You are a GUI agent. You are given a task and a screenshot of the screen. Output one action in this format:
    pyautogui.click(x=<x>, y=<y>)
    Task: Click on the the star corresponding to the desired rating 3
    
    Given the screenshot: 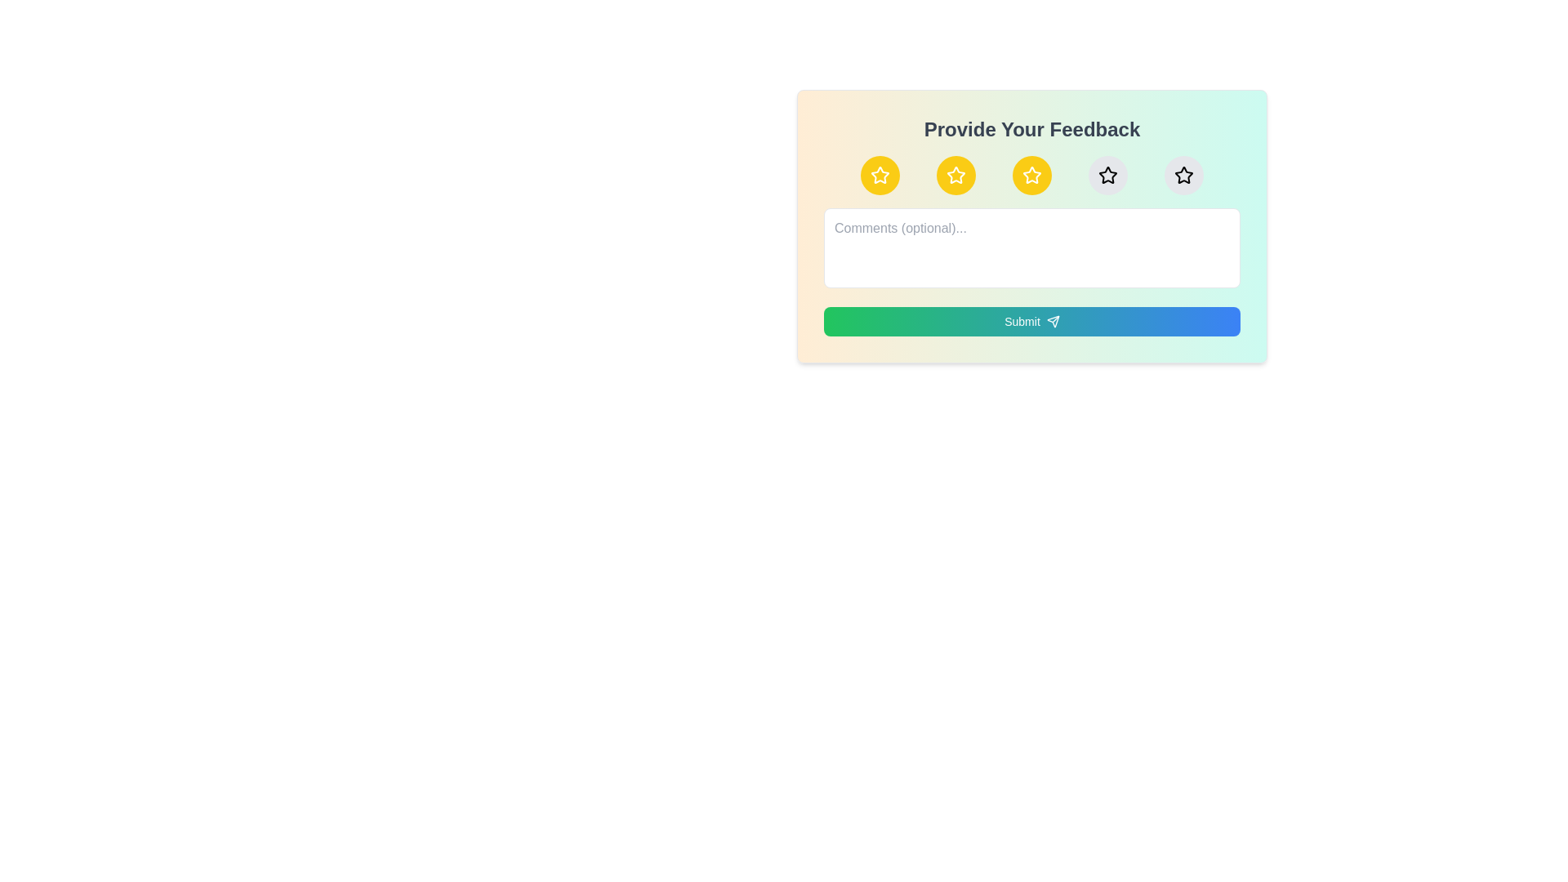 What is the action you would take?
    pyautogui.click(x=1031, y=176)
    